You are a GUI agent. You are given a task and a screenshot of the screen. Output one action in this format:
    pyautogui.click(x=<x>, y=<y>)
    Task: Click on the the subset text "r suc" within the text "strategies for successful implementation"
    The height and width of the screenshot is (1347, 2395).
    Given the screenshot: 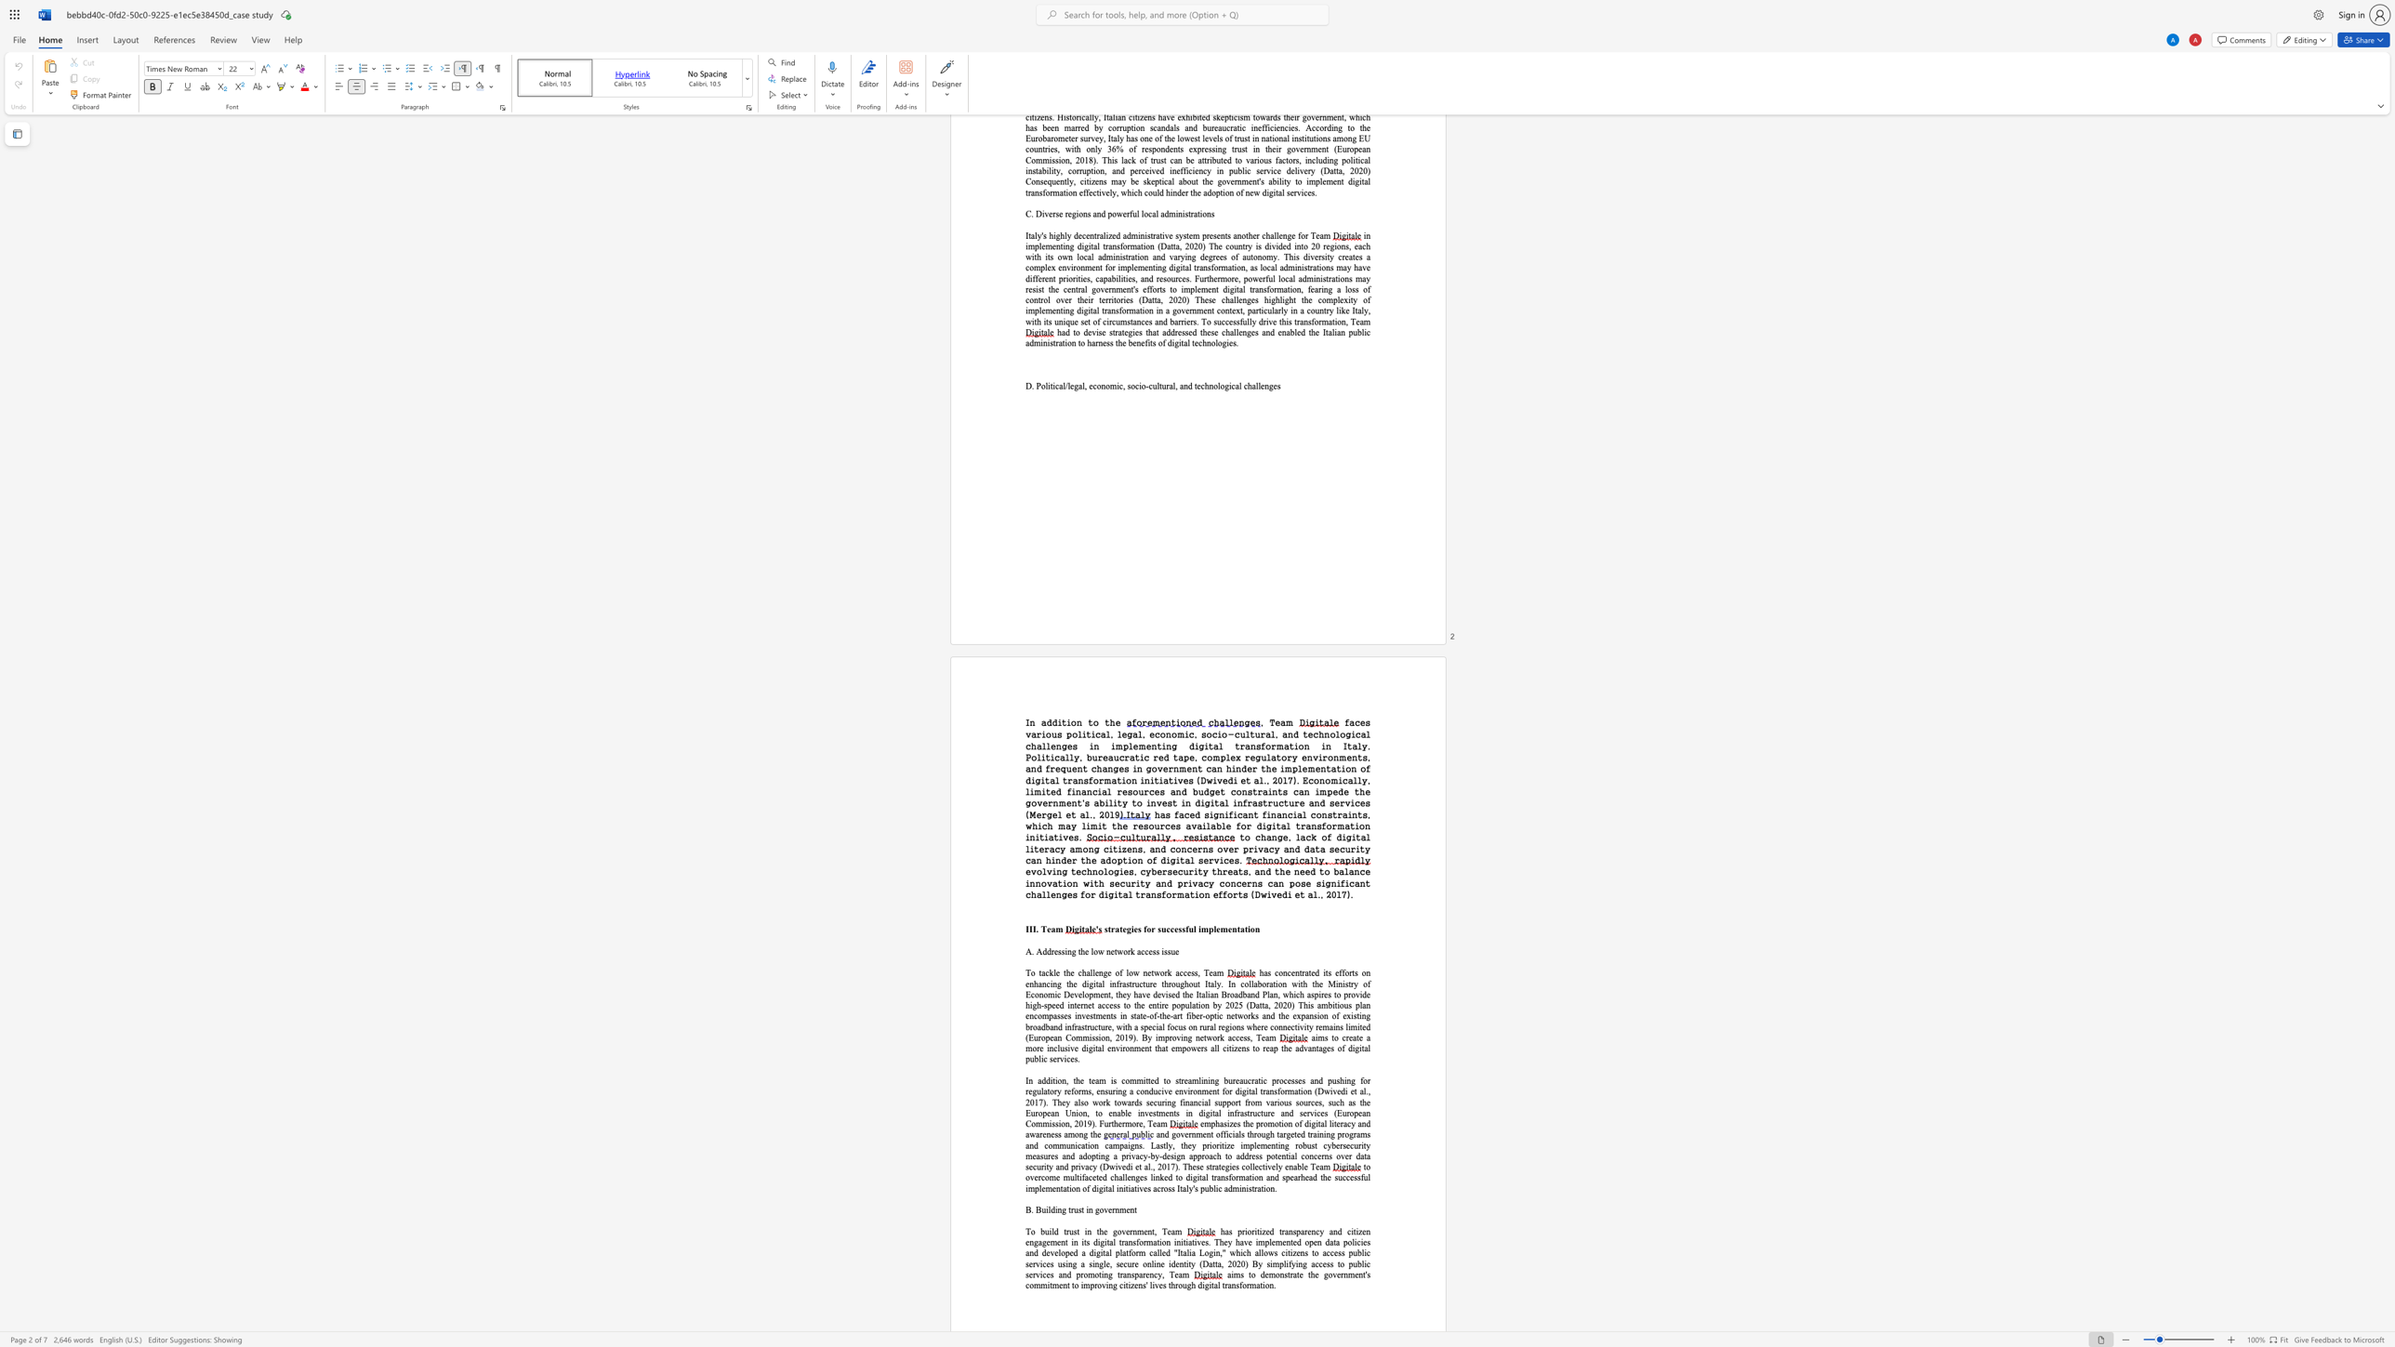 What is the action you would take?
    pyautogui.click(x=1150, y=928)
    